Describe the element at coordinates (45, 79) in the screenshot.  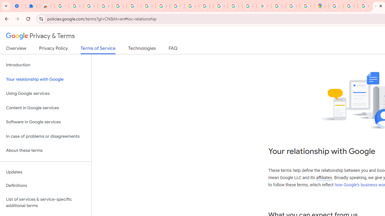
I see `'Your relationship with Google'` at that location.